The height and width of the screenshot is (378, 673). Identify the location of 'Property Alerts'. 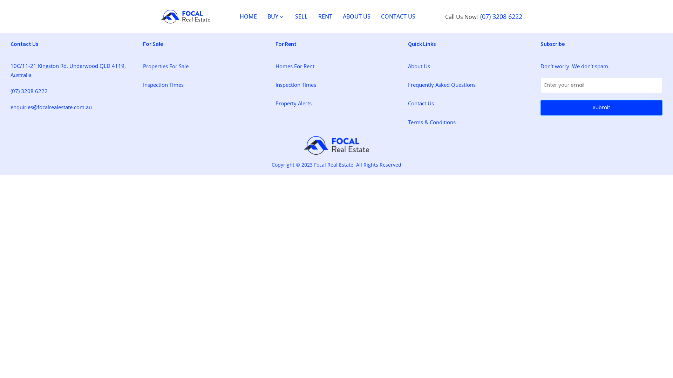
(293, 103).